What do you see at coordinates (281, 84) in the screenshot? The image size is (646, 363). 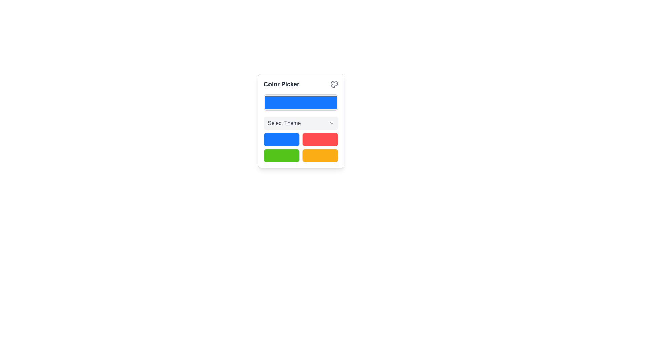 I see `the 'Color Picker' text label, which is prominently displayed in a bold, dark gray font at the top-left section of a card layout, adjacent to a circular icon` at bounding box center [281, 84].